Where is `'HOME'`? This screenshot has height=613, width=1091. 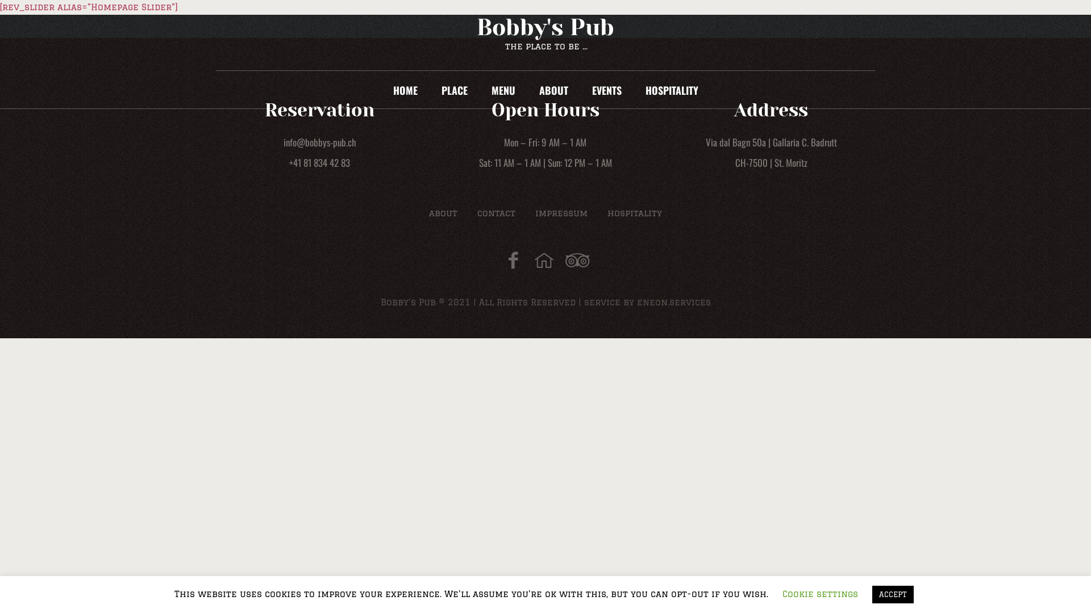 'HOME' is located at coordinates (405, 89).